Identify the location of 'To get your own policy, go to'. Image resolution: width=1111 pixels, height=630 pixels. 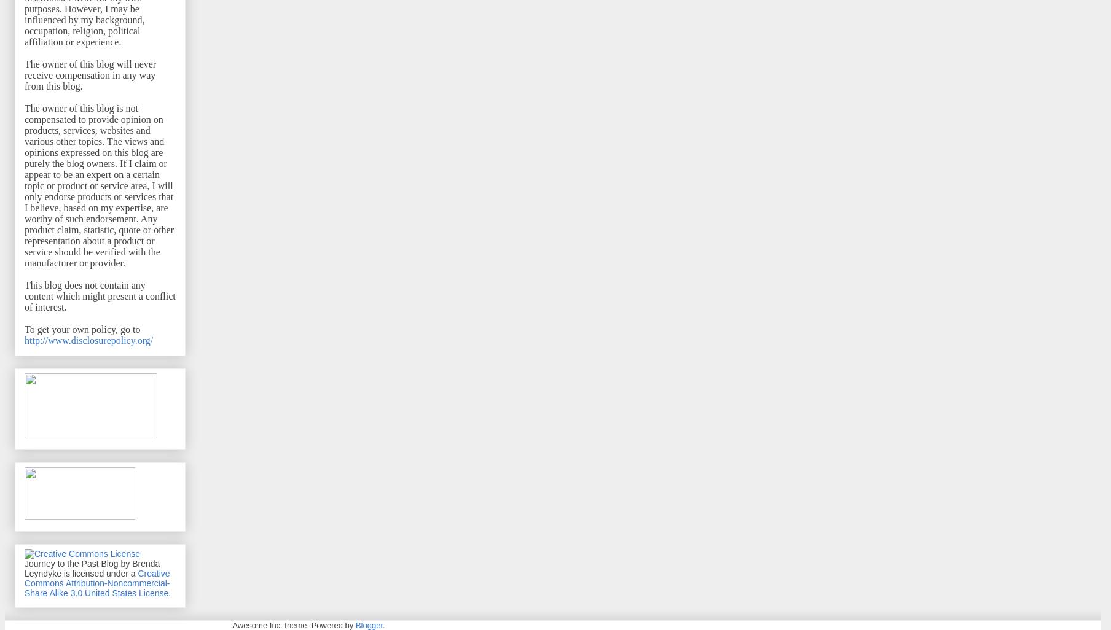
(81, 329).